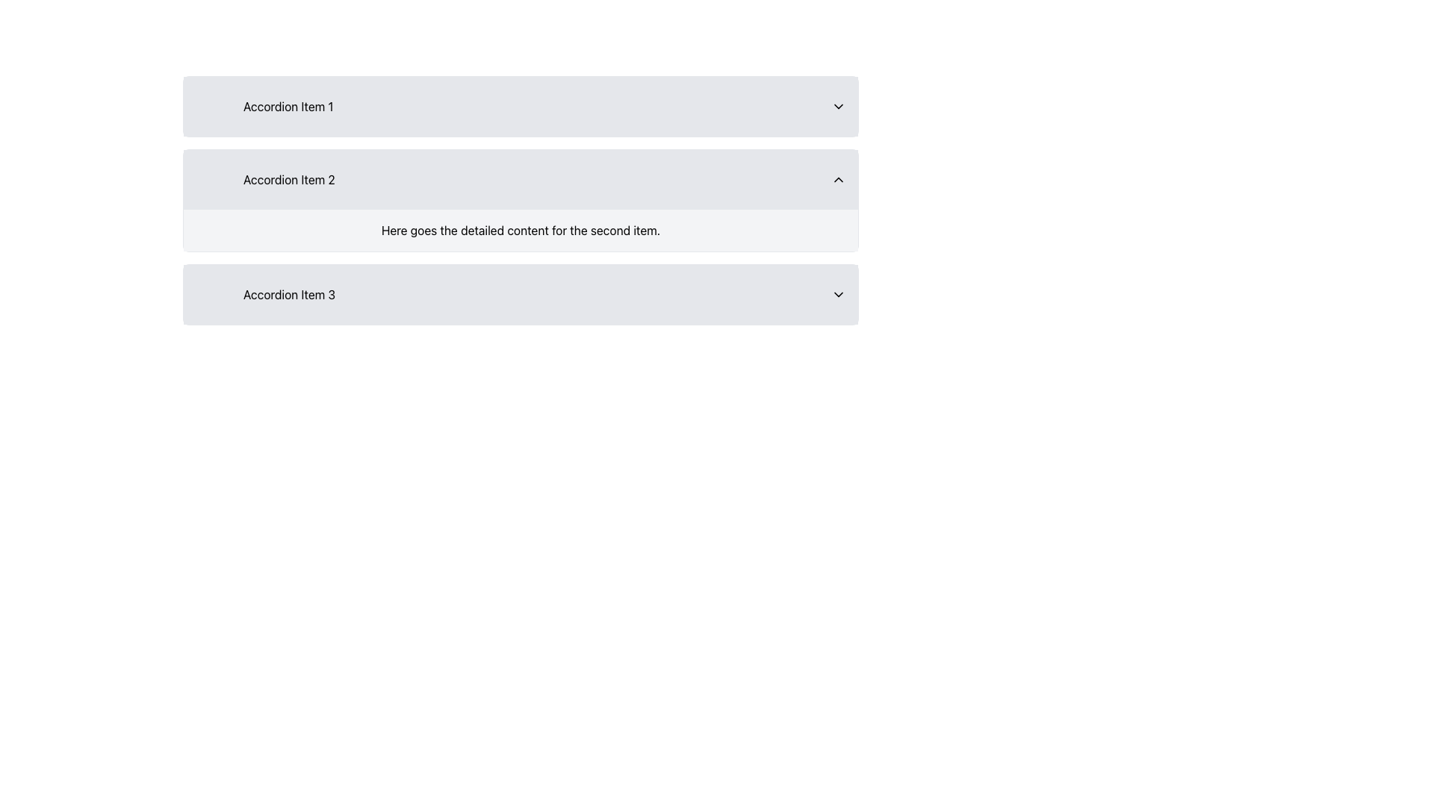 Image resolution: width=1434 pixels, height=806 pixels. Describe the element at coordinates (839, 178) in the screenshot. I see `the icon button located in the header of 'Accordion Item 2'` at that location.